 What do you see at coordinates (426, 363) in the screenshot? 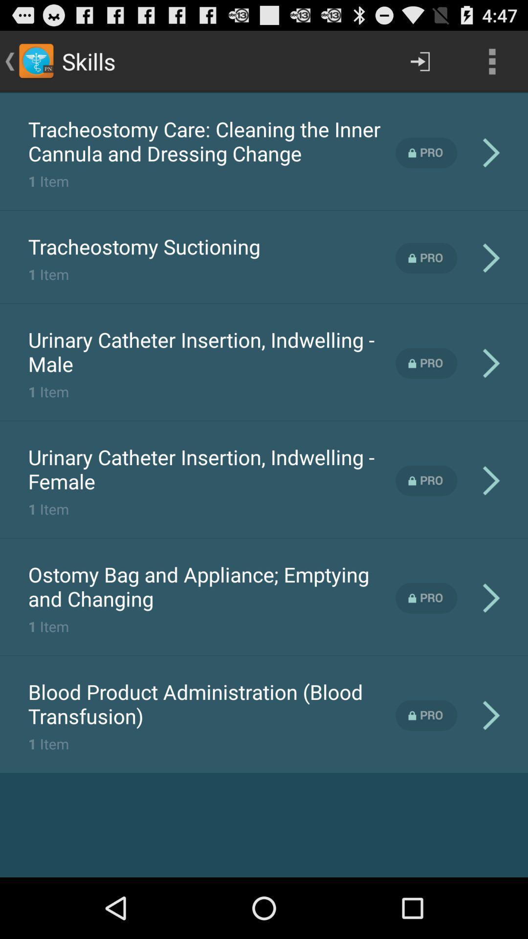
I see `upgrade to pro to unlock` at bounding box center [426, 363].